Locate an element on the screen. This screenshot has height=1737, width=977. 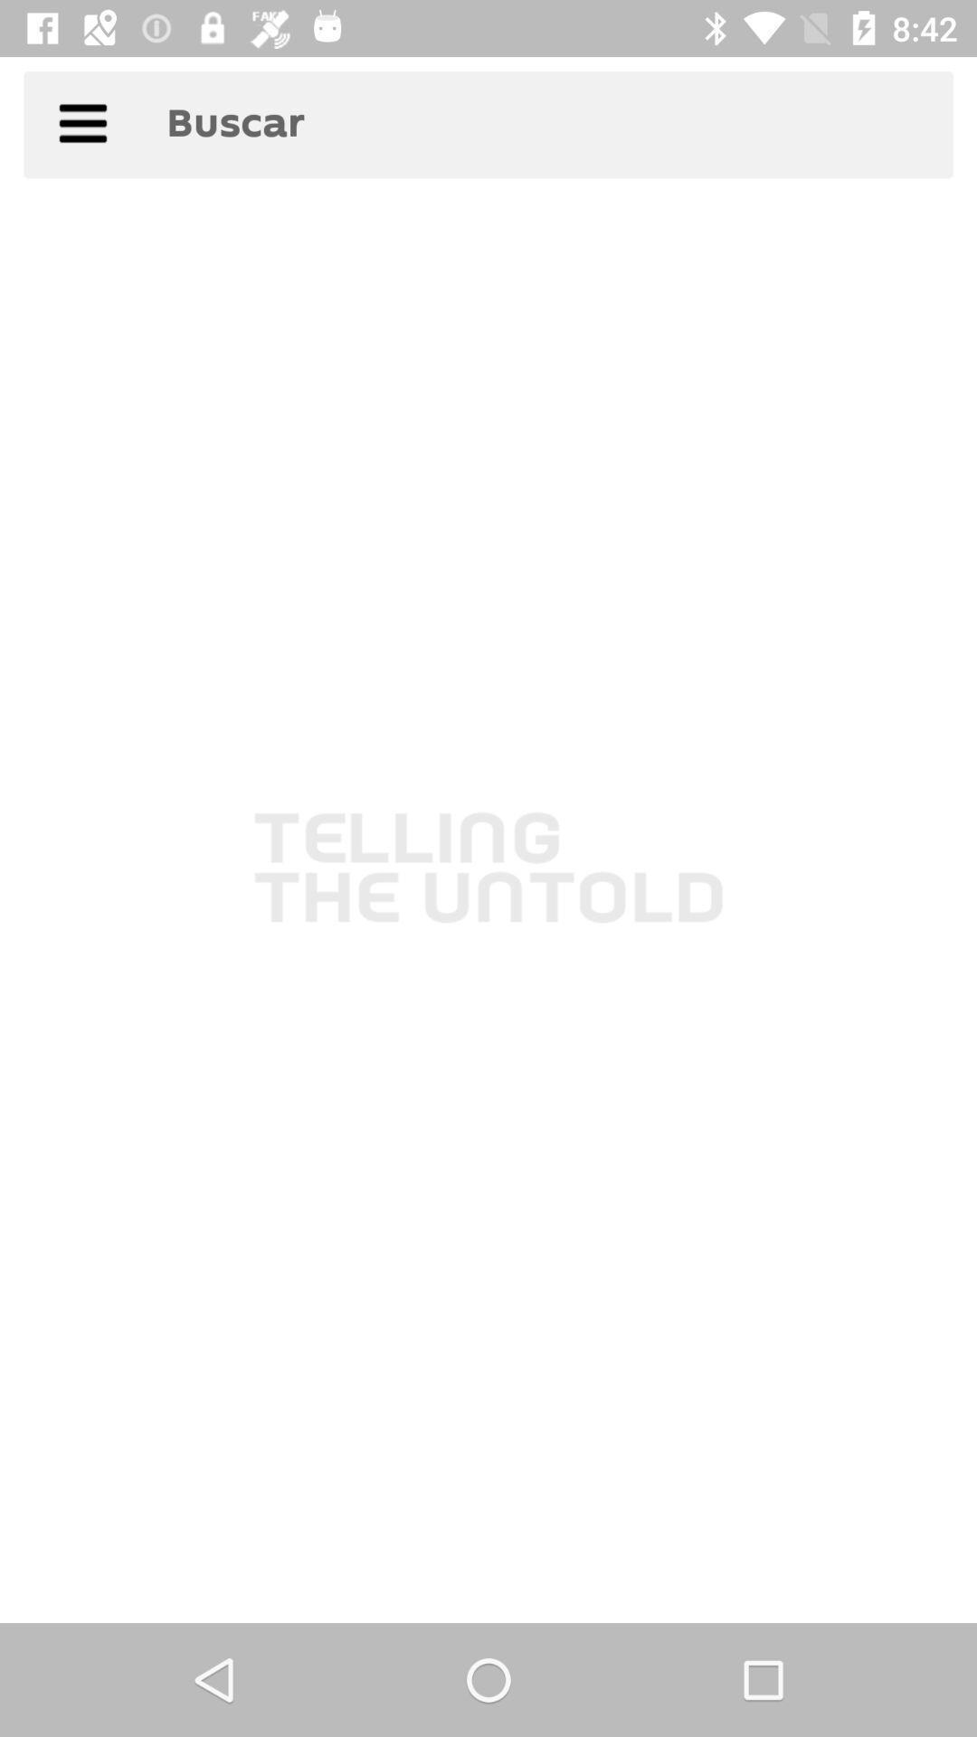
the menu icon is located at coordinates (82, 129).